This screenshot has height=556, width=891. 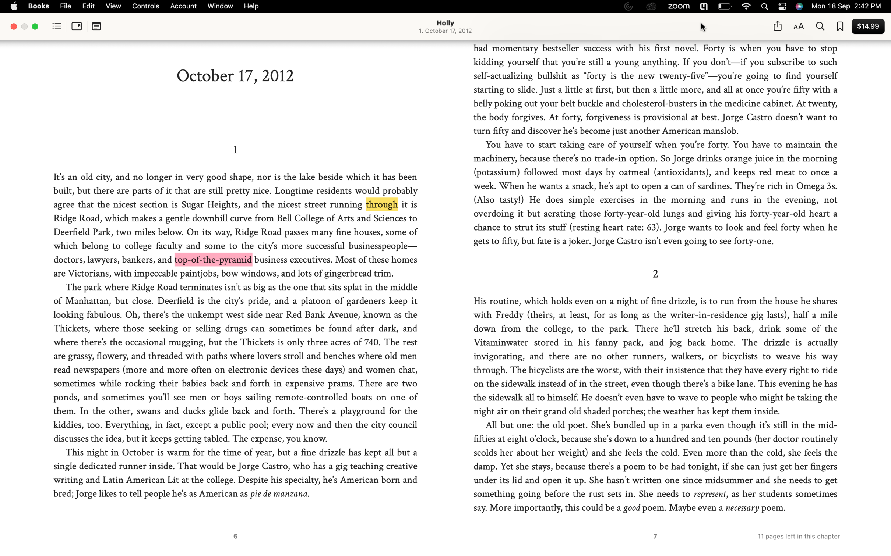 I want to click on Mark the currently open page for future reference and view all marked pages, so click(x=840, y=27).